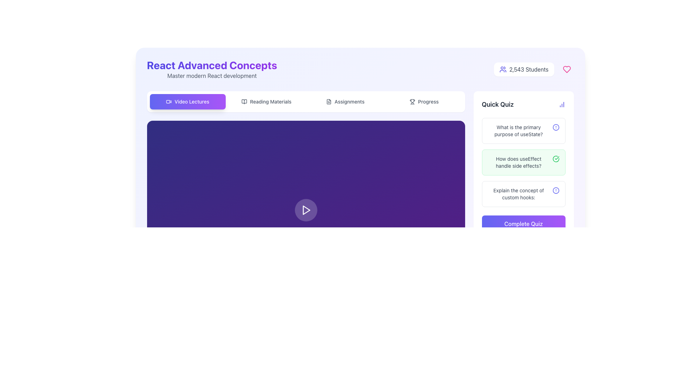 Image resolution: width=674 pixels, height=379 pixels. What do you see at coordinates (518, 194) in the screenshot?
I see `the Text label that presents a quiz question, located in the 'Quick Quiz' section, specifically the third item in a vertical list between 'How does useEffect handle side effects?' and 'Complete Quiz.'` at bounding box center [518, 194].